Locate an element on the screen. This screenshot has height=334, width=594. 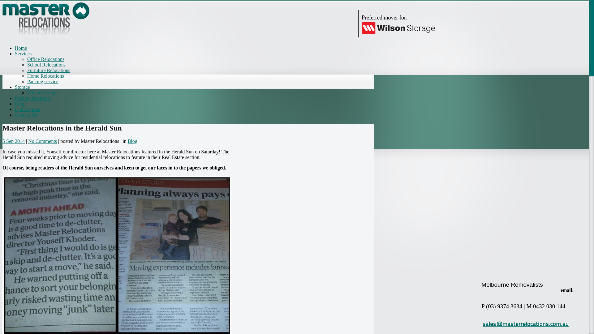
'Packing service' is located at coordinates (42, 81).